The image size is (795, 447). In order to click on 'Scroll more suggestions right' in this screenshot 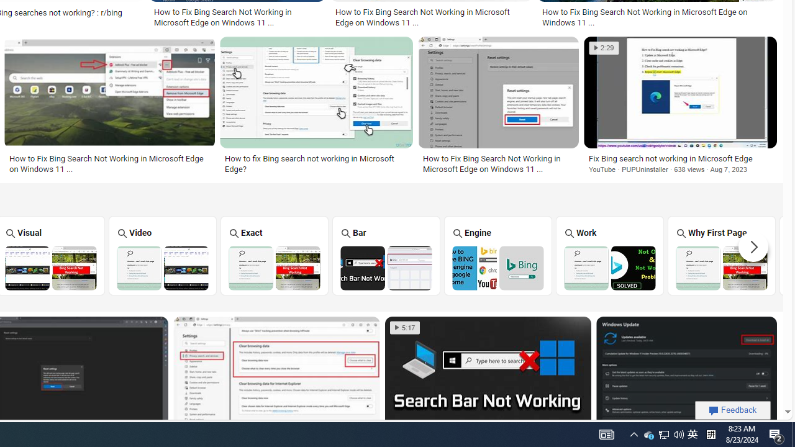, I will do `click(753, 247)`.